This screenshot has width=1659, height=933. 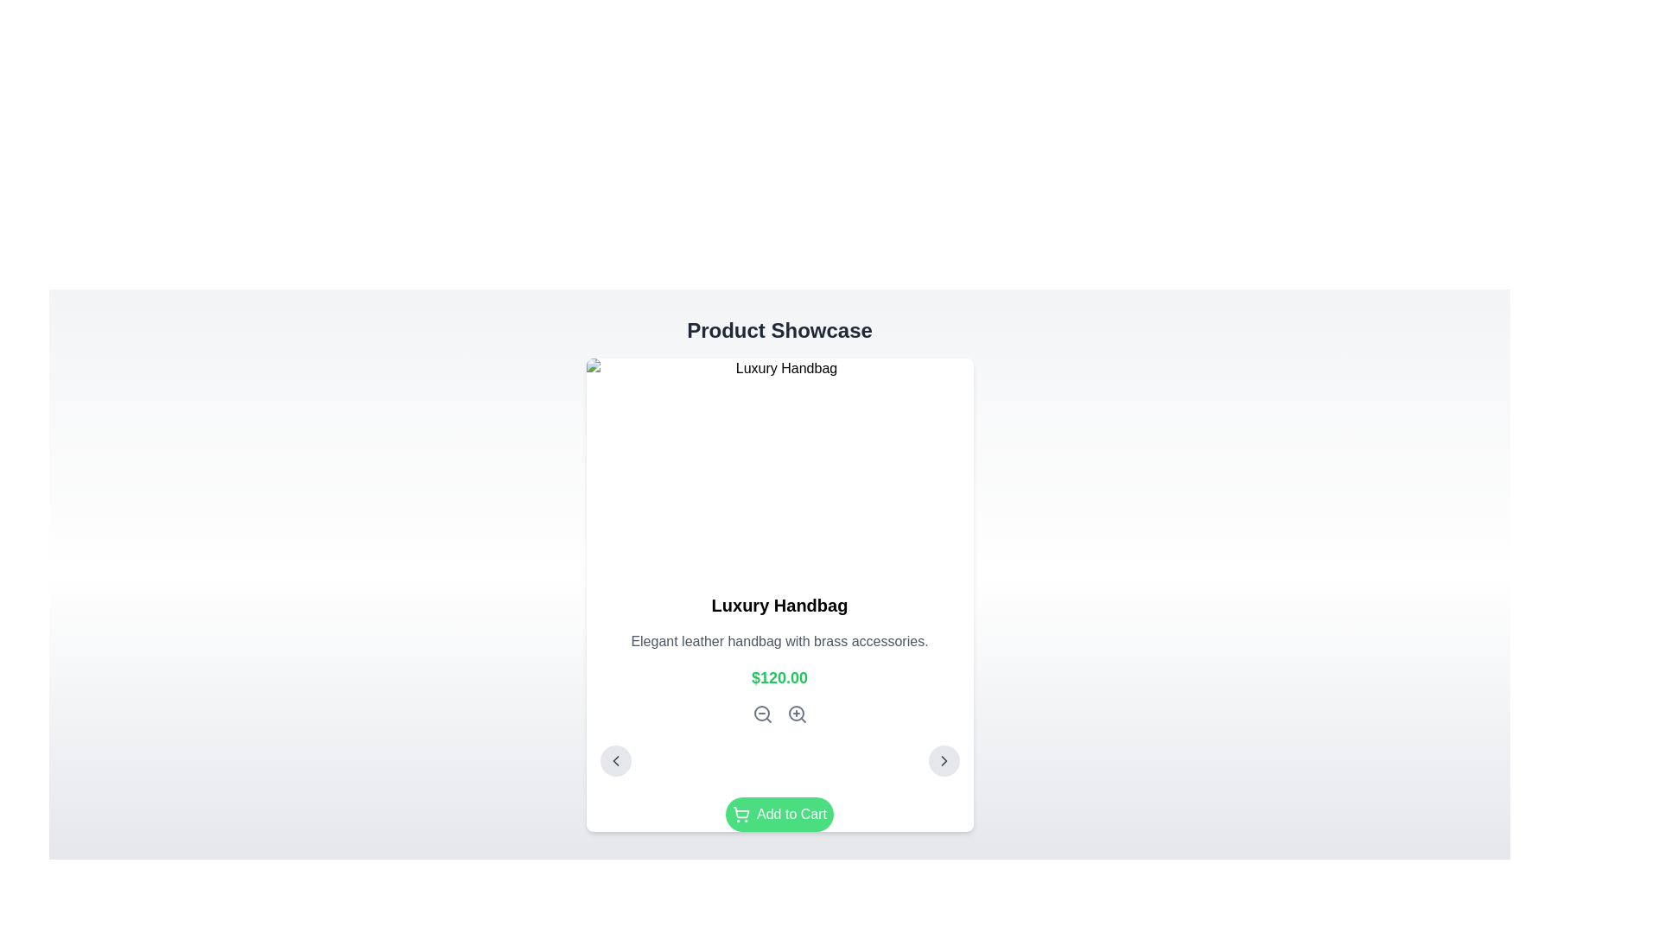 I want to click on the 'Add to Cart' icon, which is the leftmost component of the 'Add to Cart' button located at the bottom center of the interface, so click(x=741, y=814).